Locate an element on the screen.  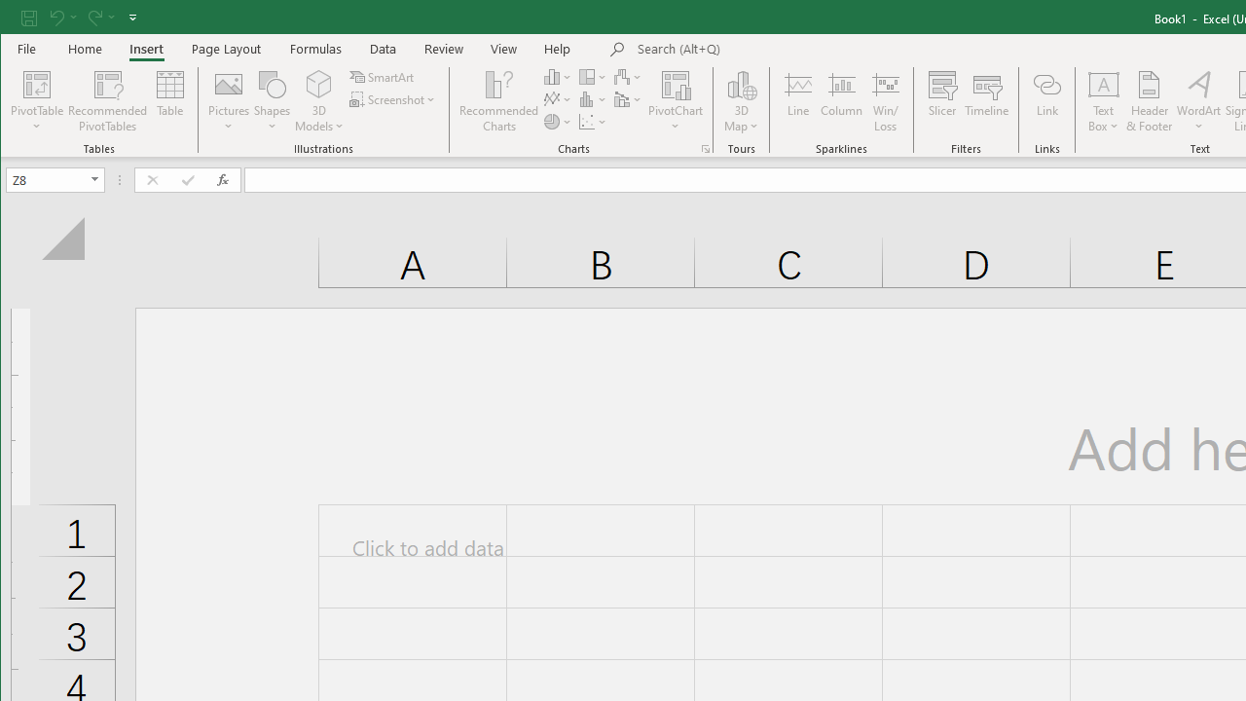
'PivotChart' is located at coordinates (676, 101).